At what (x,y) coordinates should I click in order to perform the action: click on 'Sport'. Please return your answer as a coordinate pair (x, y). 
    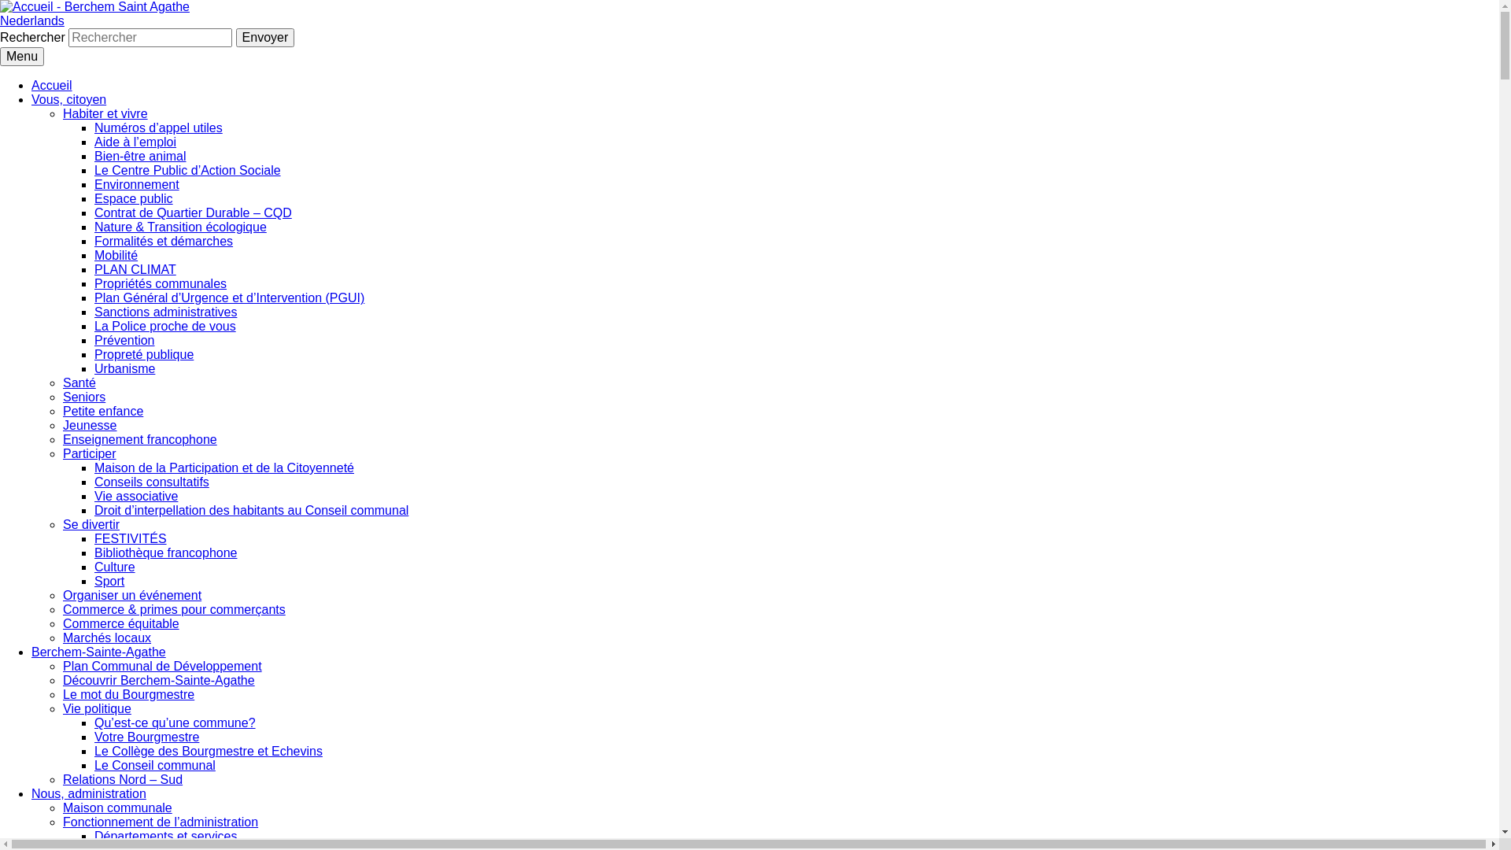
    Looking at the image, I should click on (94, 581).